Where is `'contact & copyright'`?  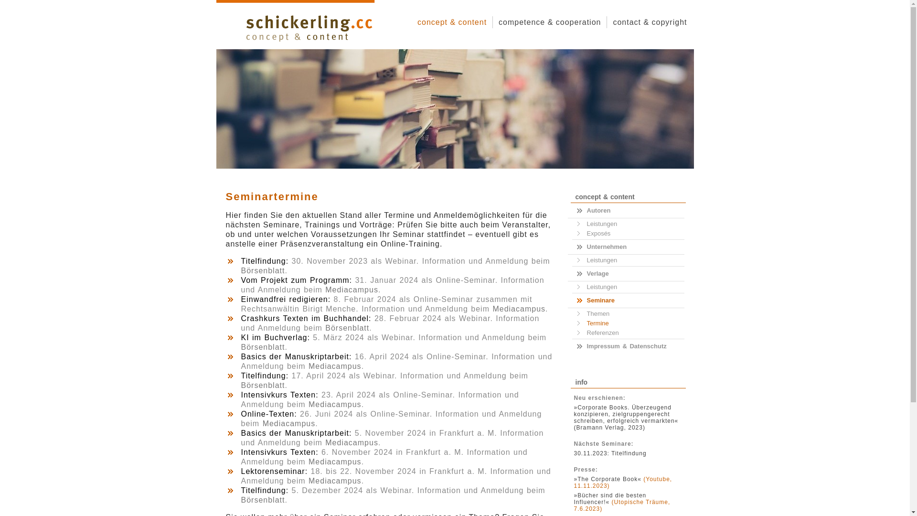 'contact & copyright' is located at coordinates (650, 21).